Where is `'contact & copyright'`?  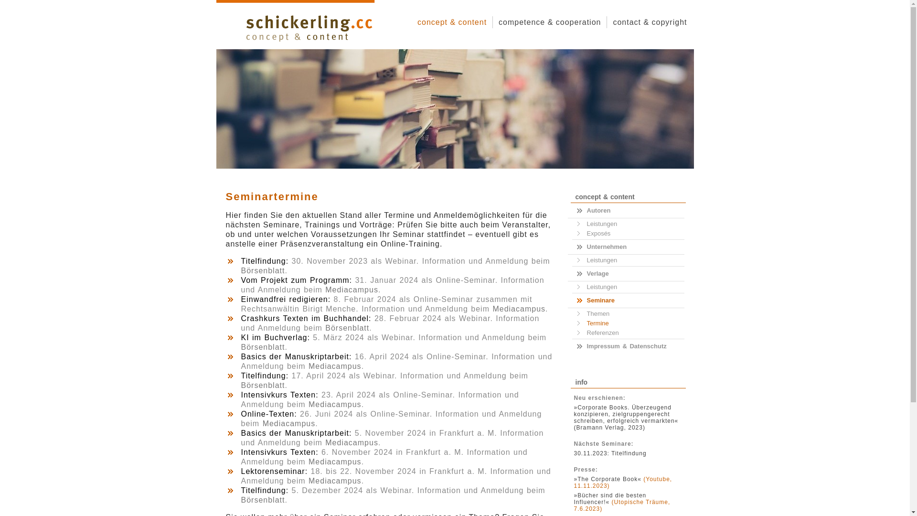 'contact & copyright' is located at coordinates (650, 21).